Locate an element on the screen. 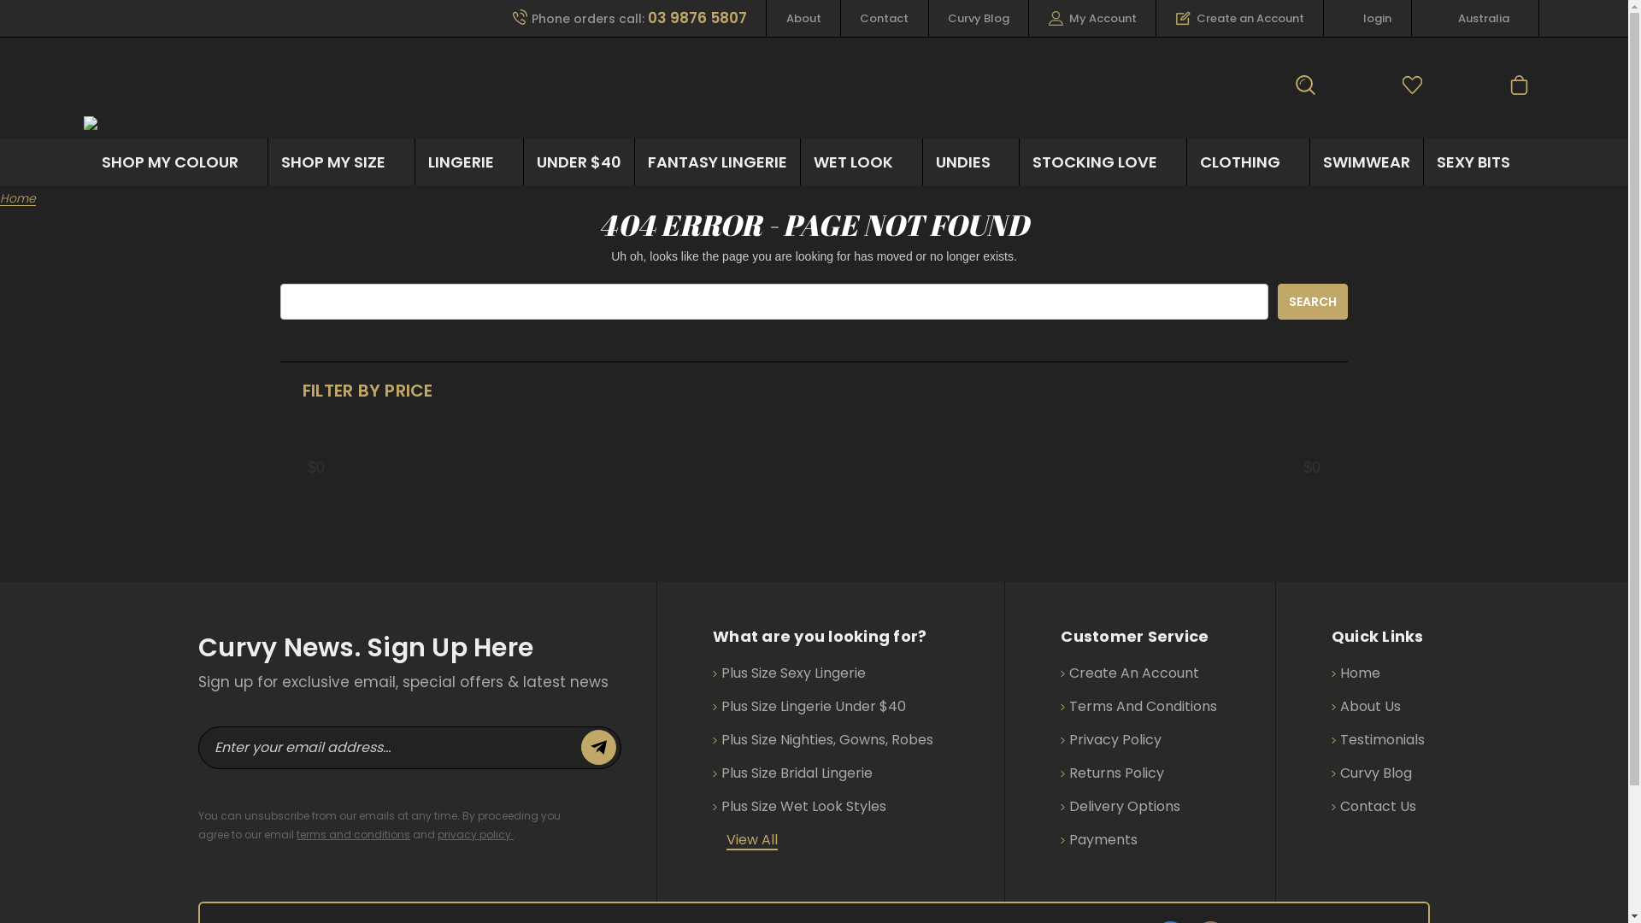 The height and width of the screenshot is (923, 1641). 'Terms And Conditions' is located at coordinates (1138, 706).